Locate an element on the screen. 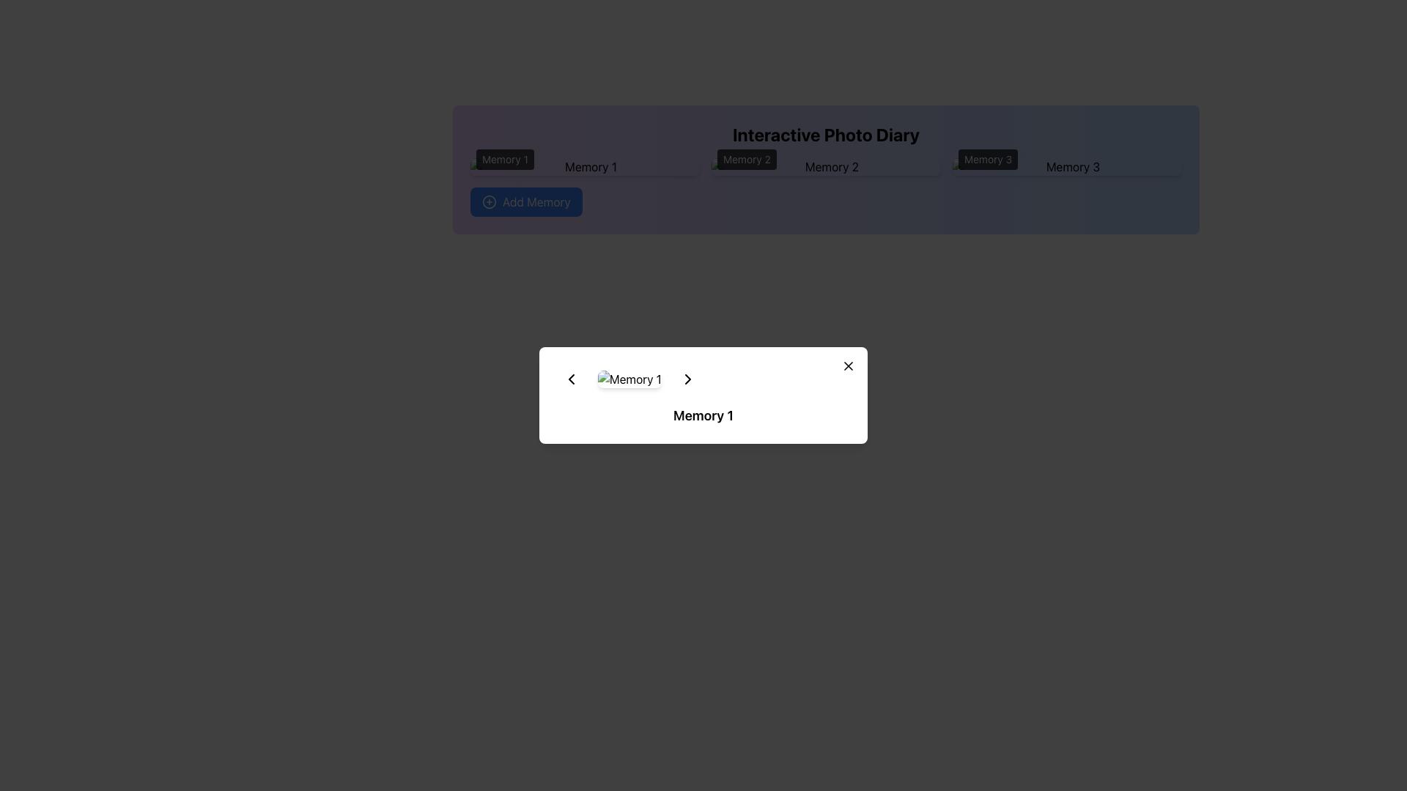 The width and height of the screenshot is (1407, 791). the left-pointing chevron arrow icon located to the left of the text 'Memory 1' is located at coordinates (570, 378).